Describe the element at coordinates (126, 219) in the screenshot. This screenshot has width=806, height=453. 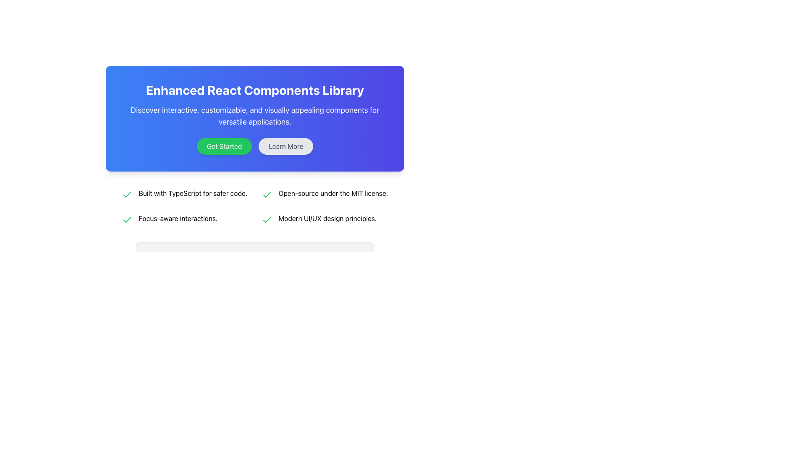
I see `the green checkmark icon located to the left of the text 'Focus-aware interactions', which is the second item in the horizontal list of checkmarks` at that location.